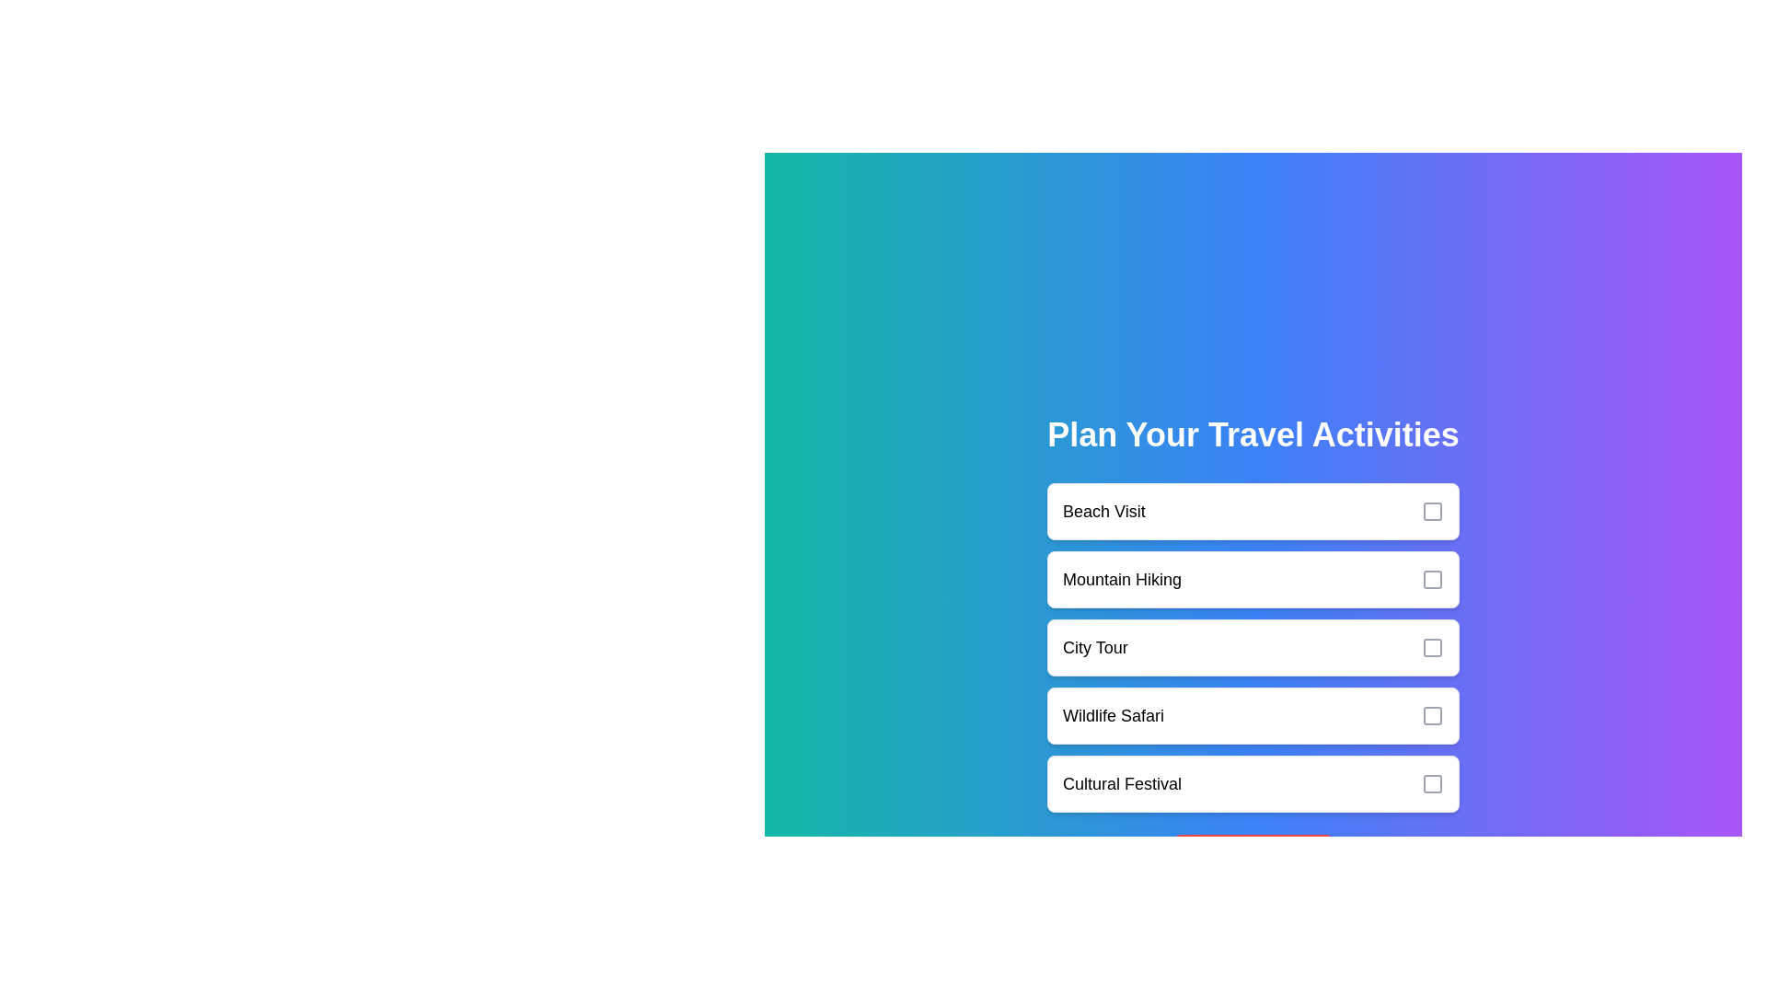 The height and width of the screenshot is (994, 1767). What do you see at coordinates (1253, 578) in the screenshot?
I see `the activity Mountain Hiking to observe the hover effect` at bounding box center [1253, 578].